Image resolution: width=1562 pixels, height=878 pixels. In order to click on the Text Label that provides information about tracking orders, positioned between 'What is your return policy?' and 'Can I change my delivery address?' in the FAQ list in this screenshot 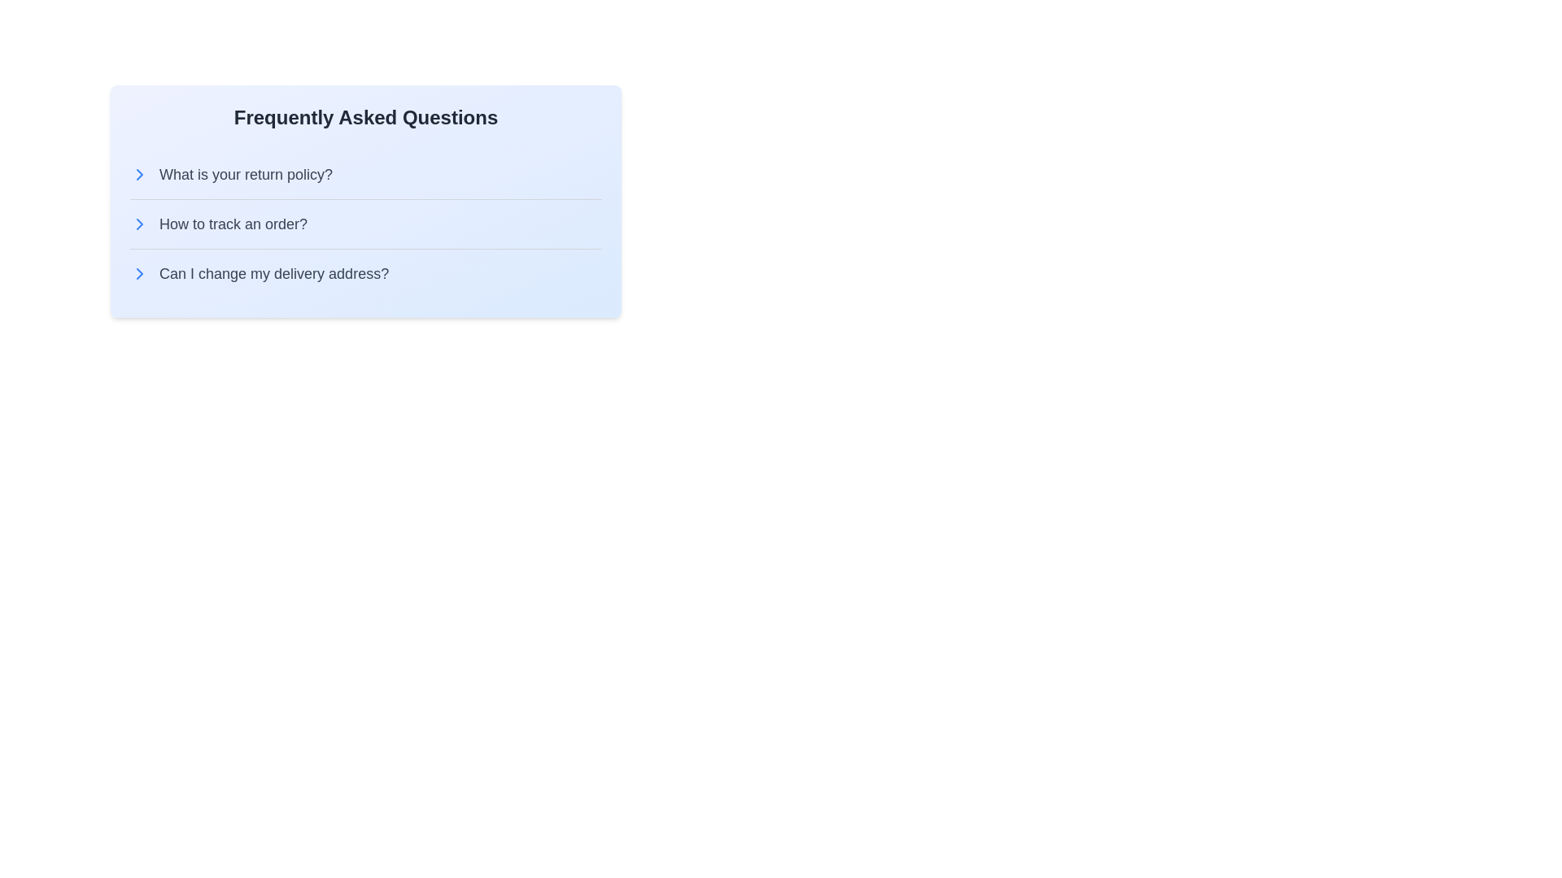, I will do `click(233, 224)`.